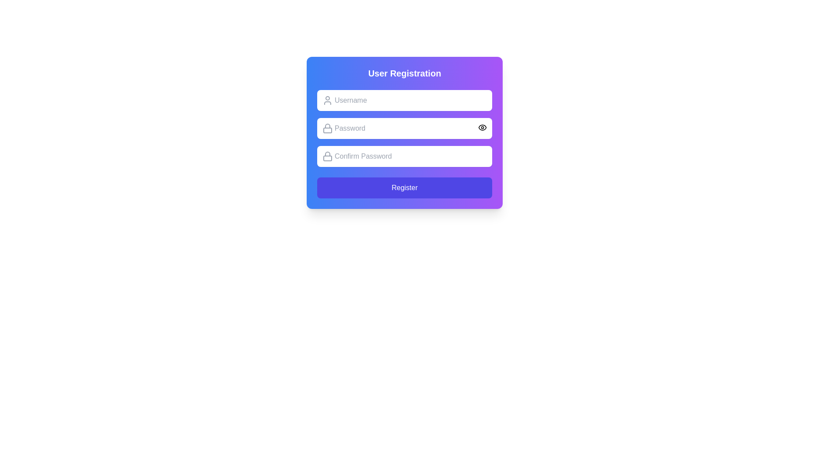  I want to click on the 'Register' button located at the bottom of the 'User Registration' section to observe the hover effect, so click(404, 187).